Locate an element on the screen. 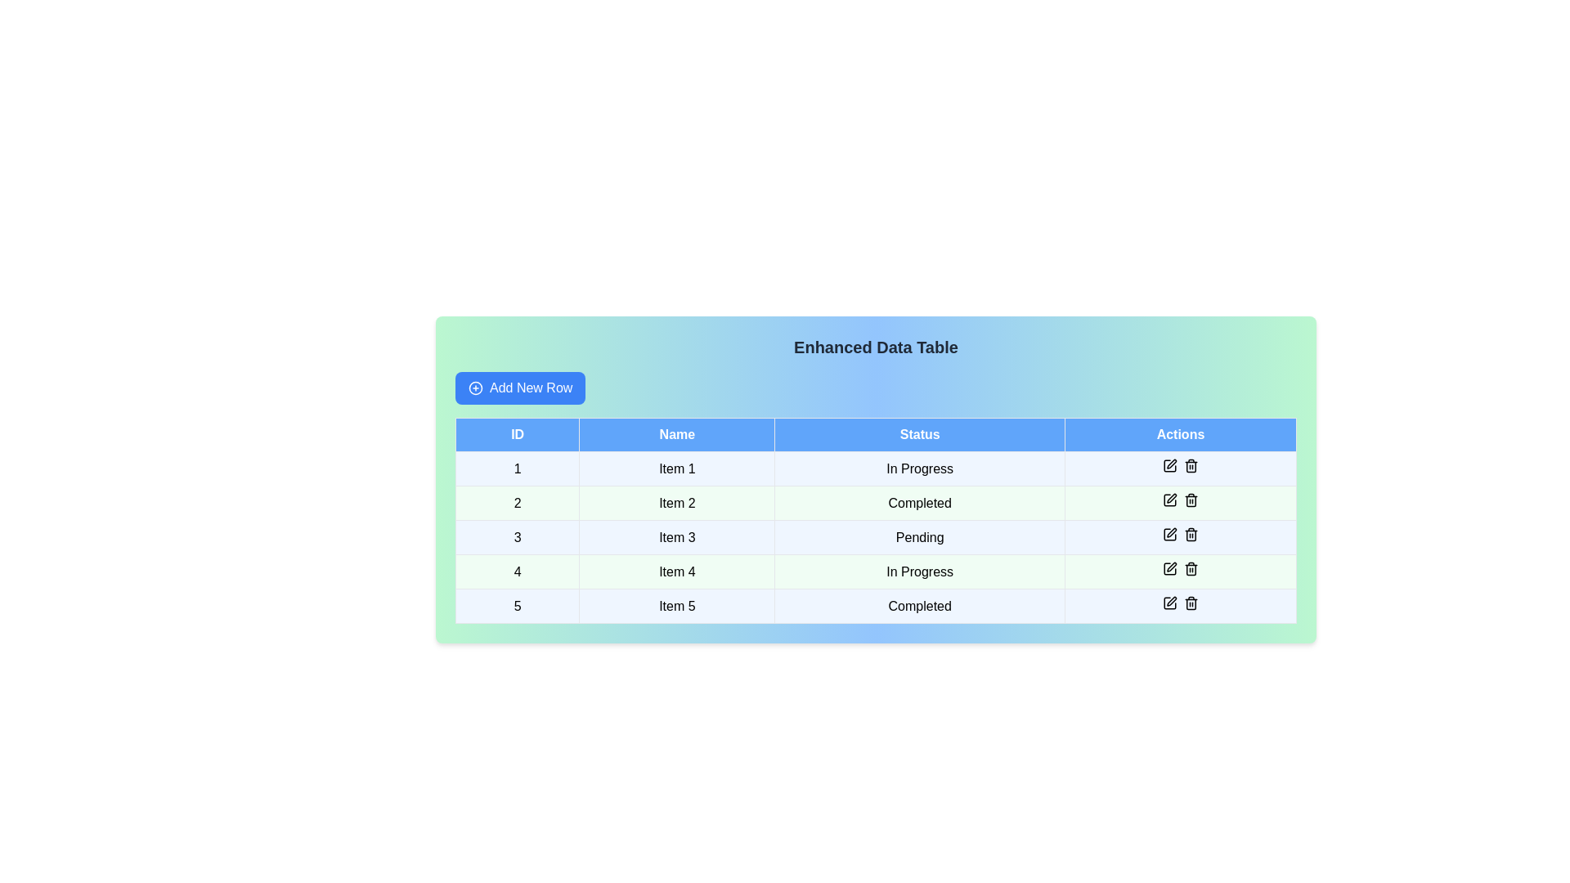  the non-interactive text label located in the second row under the 'Name' column of the table, which serves as a display for the corresponding data entry is located at coordinates (677, 502).